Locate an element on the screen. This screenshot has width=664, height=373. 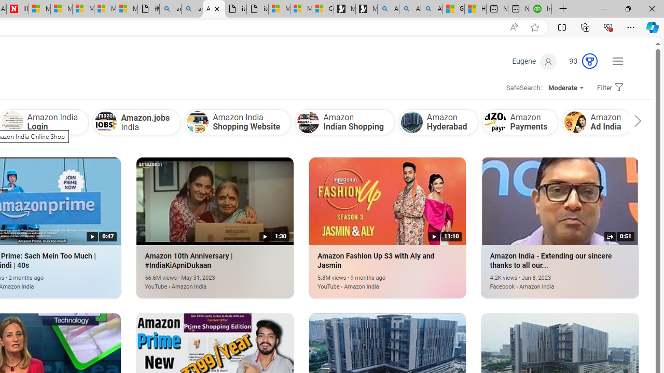
'SafeSearch:' is located at coordinates (520, 87).